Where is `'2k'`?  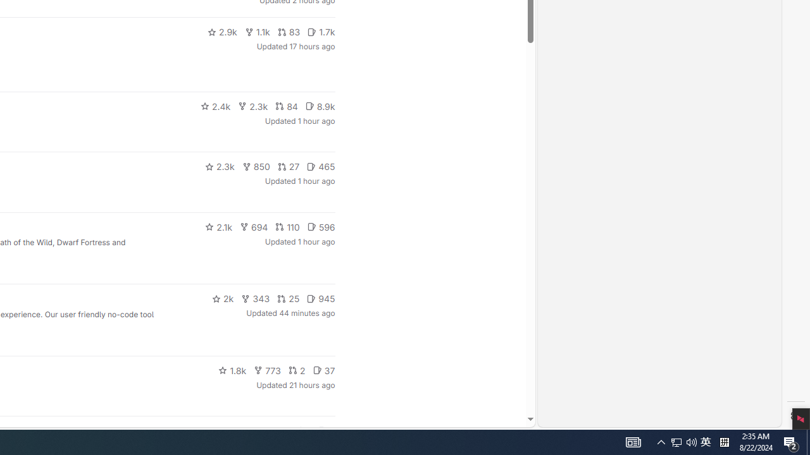 '2k' is located at coordinates (223, 299).